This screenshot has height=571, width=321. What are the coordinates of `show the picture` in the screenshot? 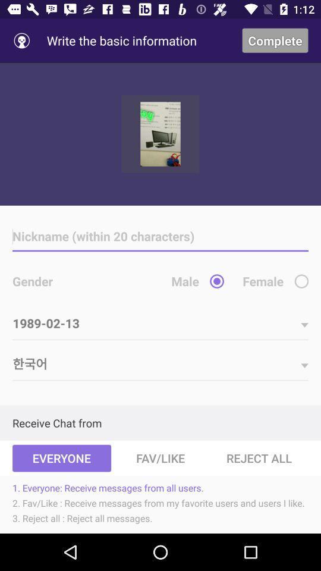 It's located at (160, 134).